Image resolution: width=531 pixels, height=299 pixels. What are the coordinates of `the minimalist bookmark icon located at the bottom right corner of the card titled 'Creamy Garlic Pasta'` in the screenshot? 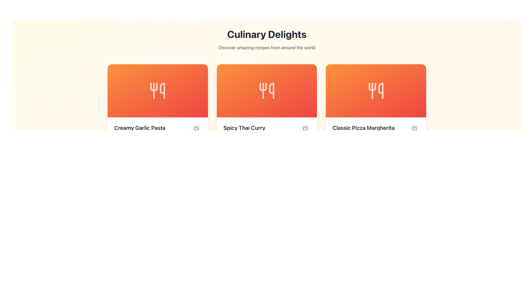 It's located at (196, 129).